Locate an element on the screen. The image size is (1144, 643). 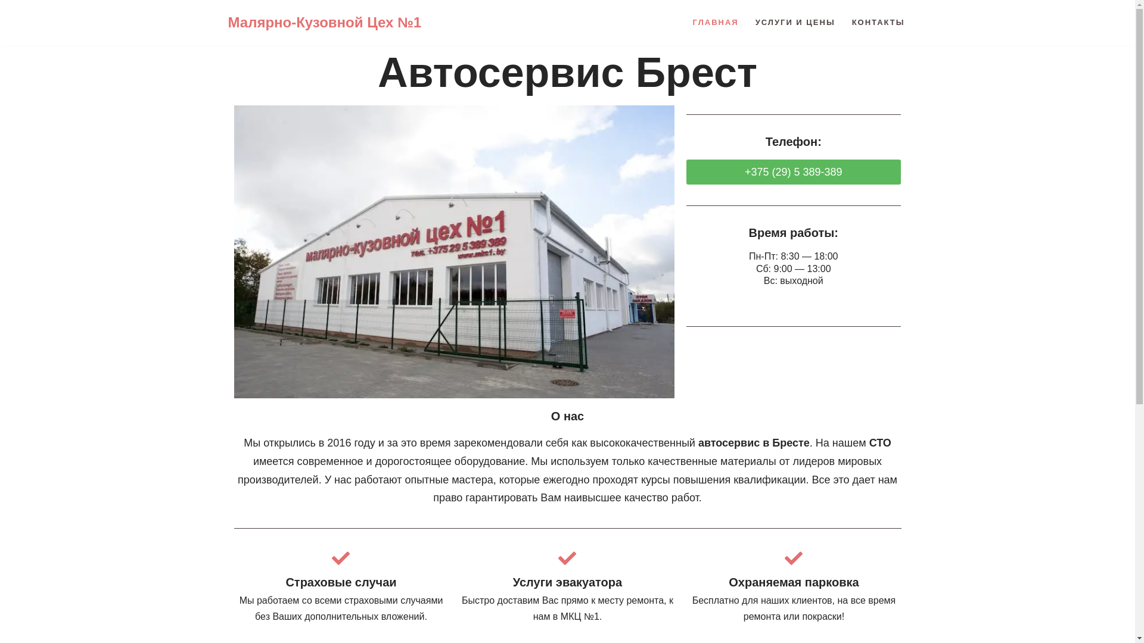
'+375 (29) 5 389-389' is located at coordinates (793, 172).